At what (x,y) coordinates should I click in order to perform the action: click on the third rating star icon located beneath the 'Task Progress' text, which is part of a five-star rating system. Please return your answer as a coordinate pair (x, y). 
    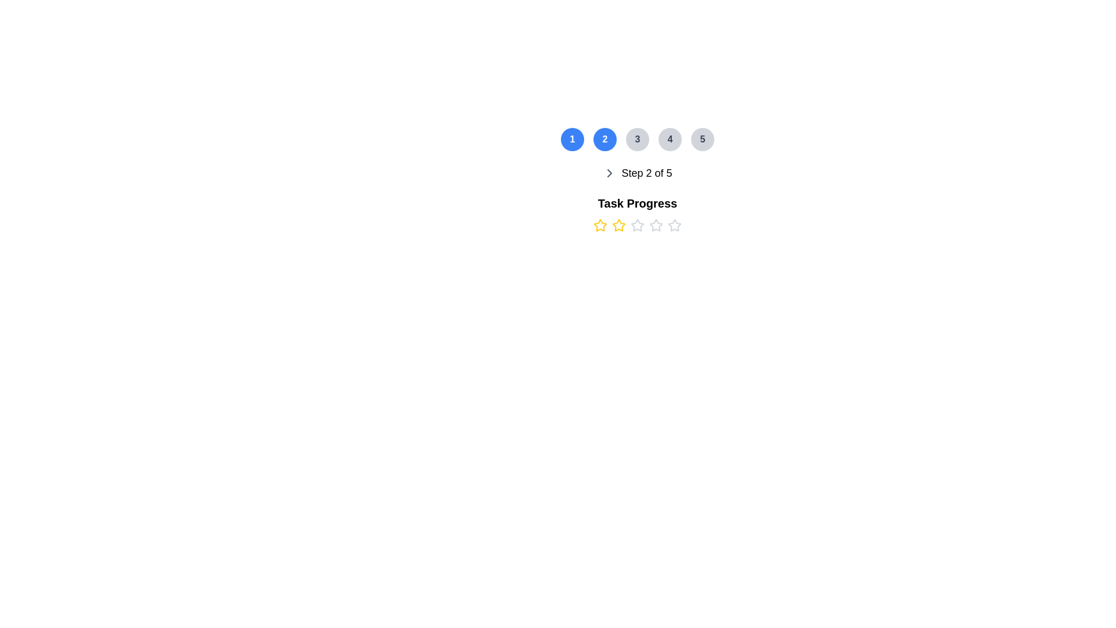
    Looking at the image, I should click on (637, 226).